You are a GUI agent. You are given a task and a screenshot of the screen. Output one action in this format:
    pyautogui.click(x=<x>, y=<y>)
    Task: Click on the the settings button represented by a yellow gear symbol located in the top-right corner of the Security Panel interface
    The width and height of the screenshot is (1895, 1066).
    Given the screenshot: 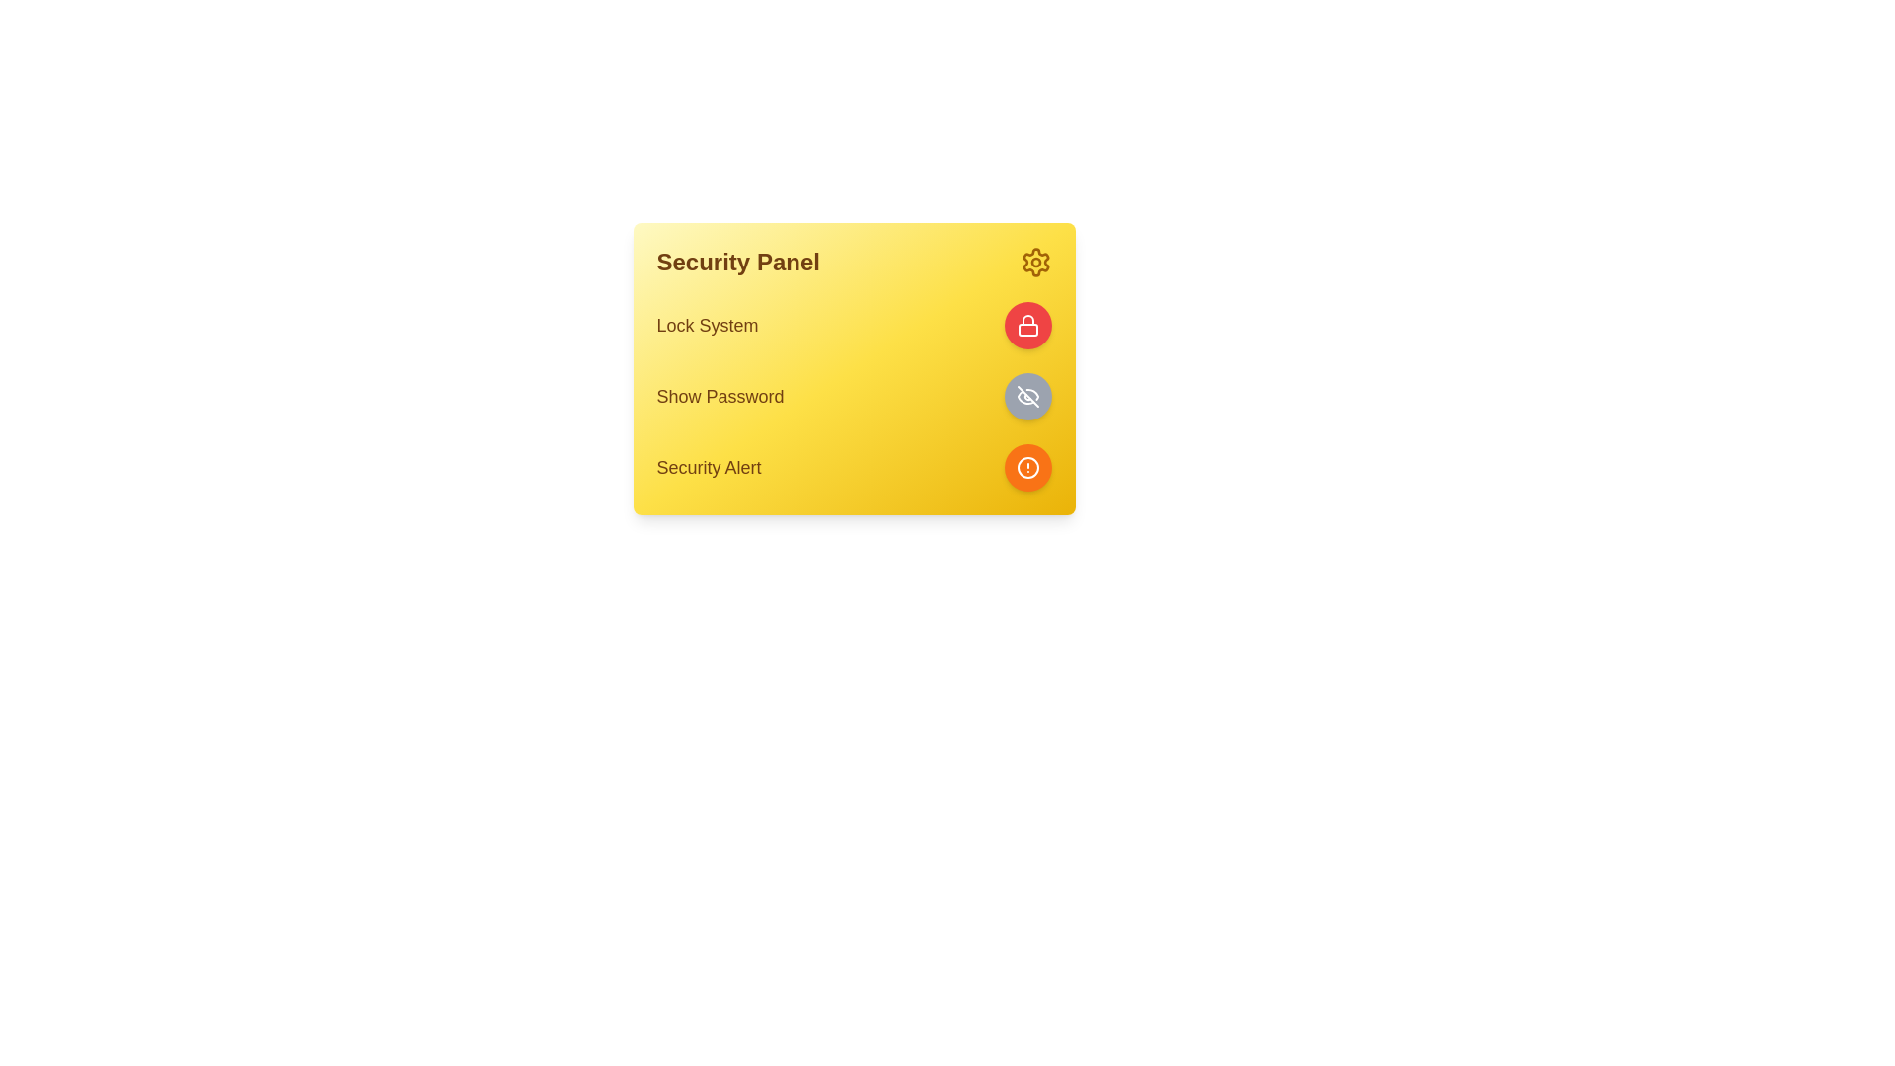 What is the action you would take?
    pyautogui.click(x=1034, y=262)
    